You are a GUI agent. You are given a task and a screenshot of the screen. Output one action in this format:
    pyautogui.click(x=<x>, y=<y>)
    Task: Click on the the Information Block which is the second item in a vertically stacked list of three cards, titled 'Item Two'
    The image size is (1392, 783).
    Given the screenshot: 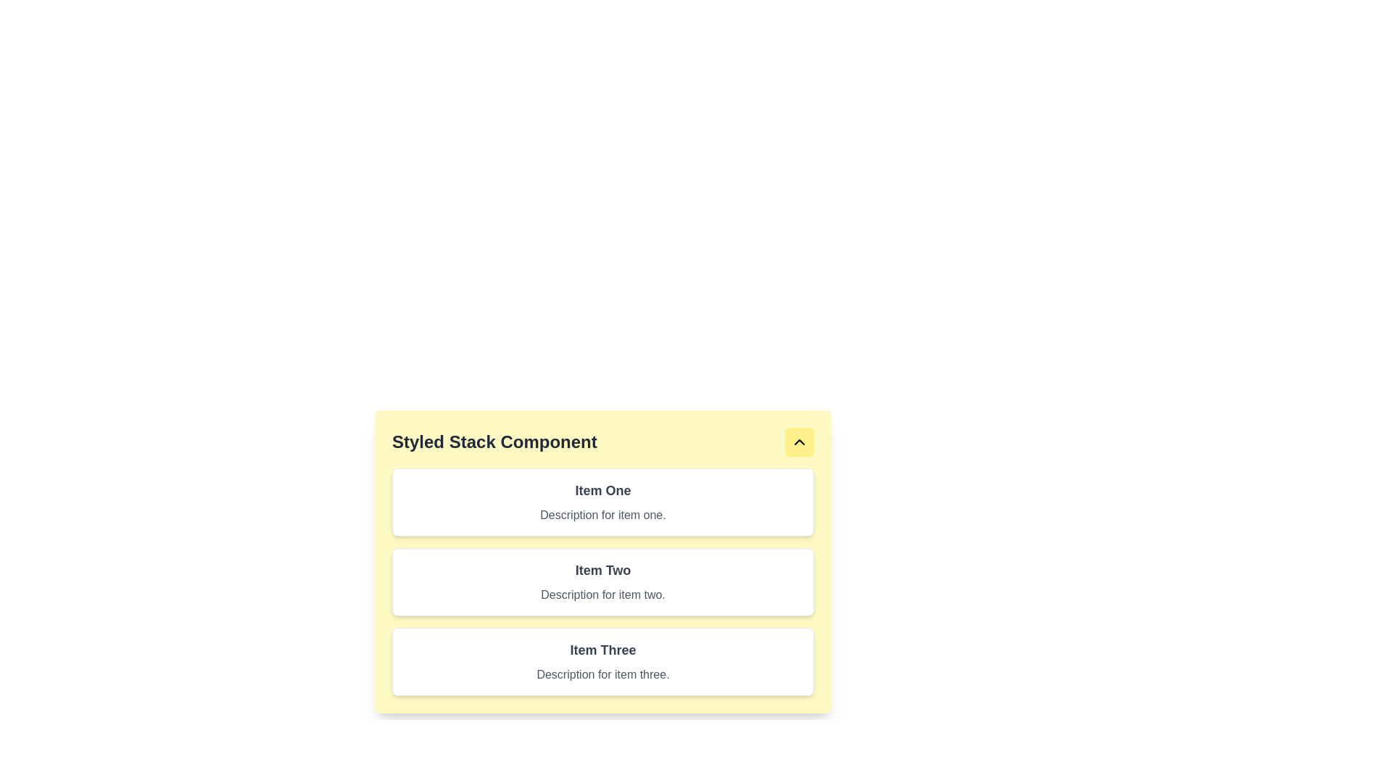 What is the action you would take?
    pyautogui.click(x=602, y=581)
    